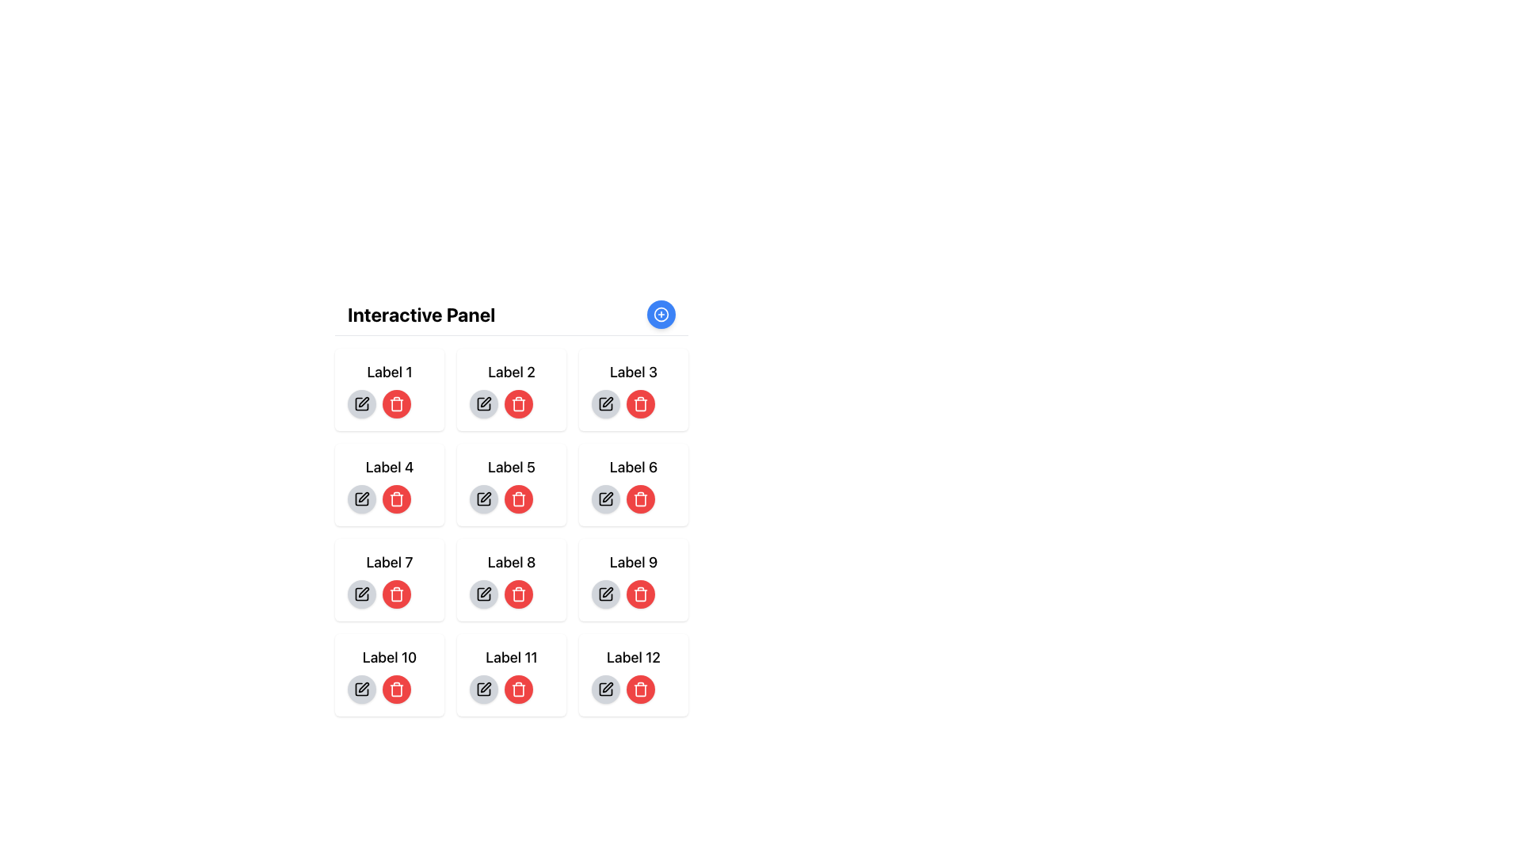 This screenshot has height=856, width=1521. I want to click on the delete button associated with 'Label 3' to interact, so click(641, 403).